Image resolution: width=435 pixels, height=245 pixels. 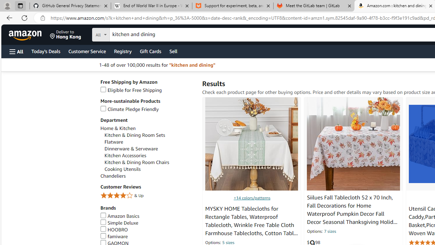 What do you see at coordinates (149, 156) in the screenshot?
I see `'Kitchen Accessories'` at bounding box center [149, 156].